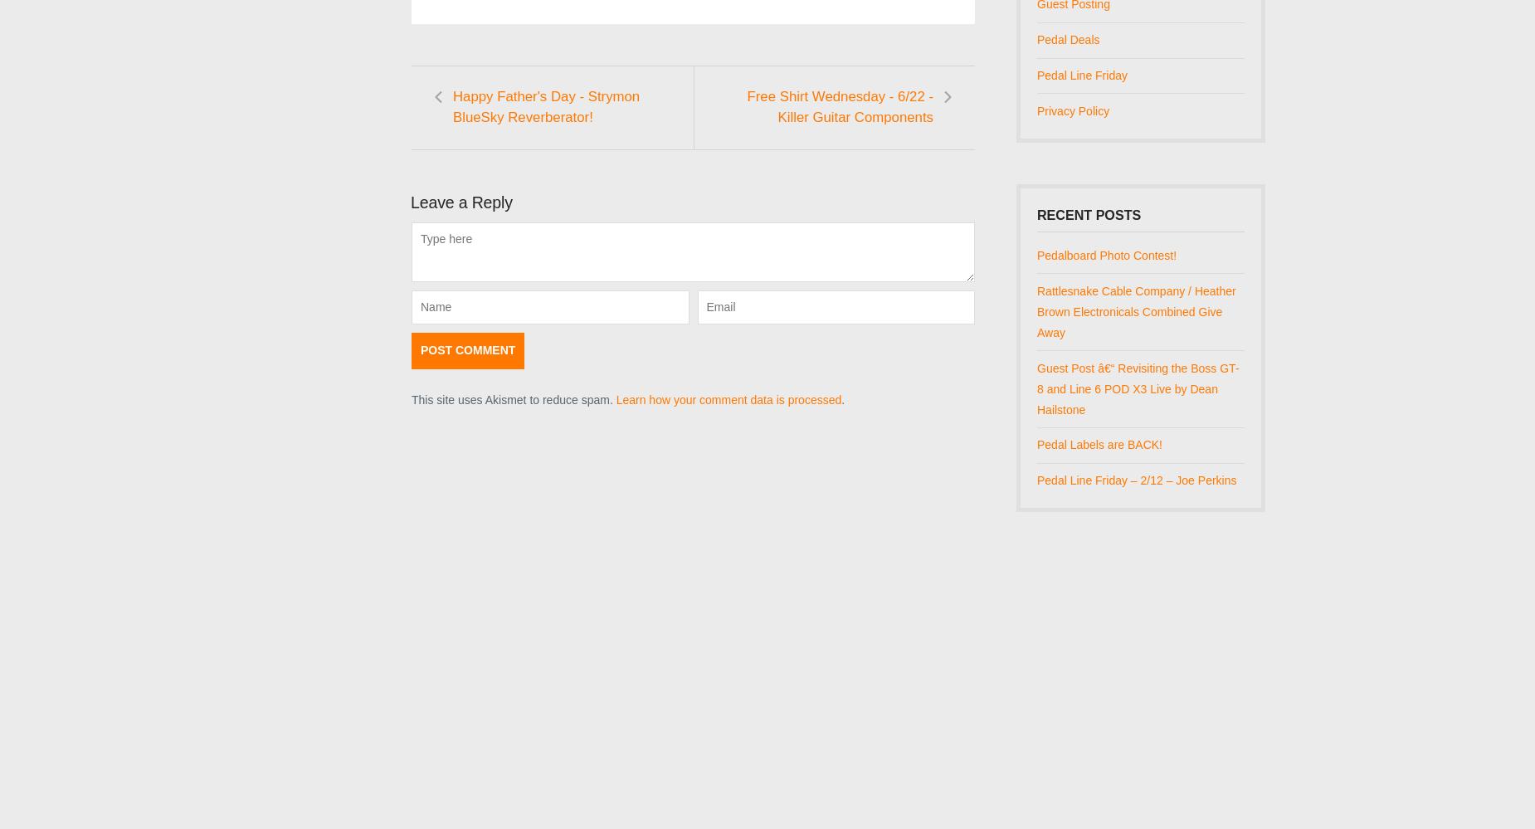  Describe the element at coordinates (1088, 214) in the screenshot. I see `'Recent Posts'` at that location.